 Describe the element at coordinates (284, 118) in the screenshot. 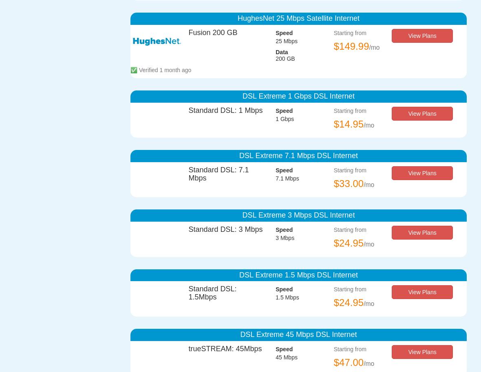

I see `'1 Gbps'` at that location.